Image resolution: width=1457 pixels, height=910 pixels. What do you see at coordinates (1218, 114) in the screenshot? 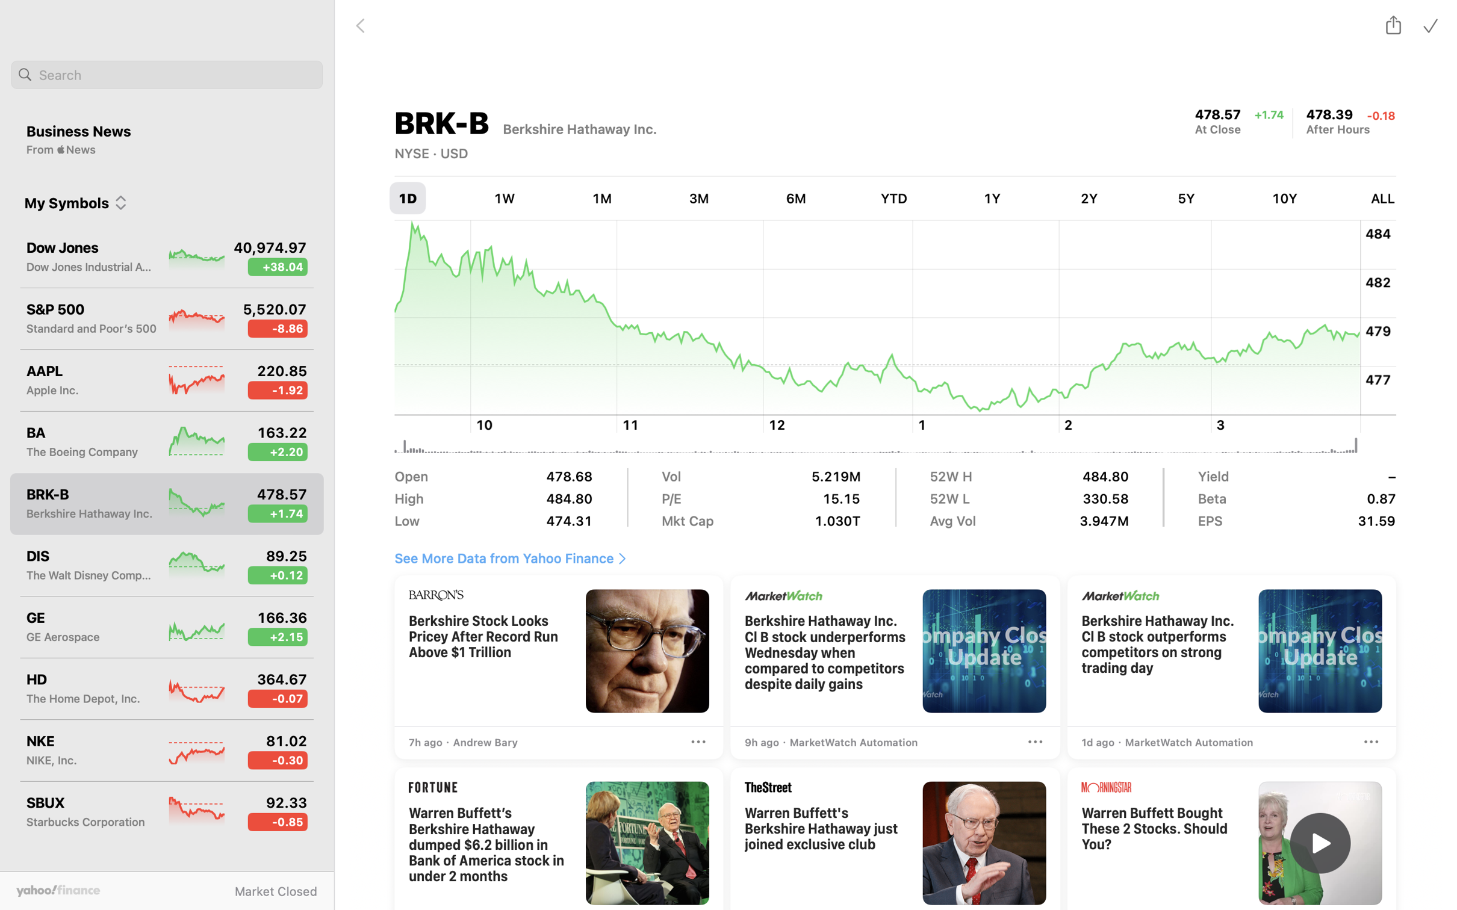
I see `'478.57, change, up 1.74 points'` at bounding box center [1218, 114].